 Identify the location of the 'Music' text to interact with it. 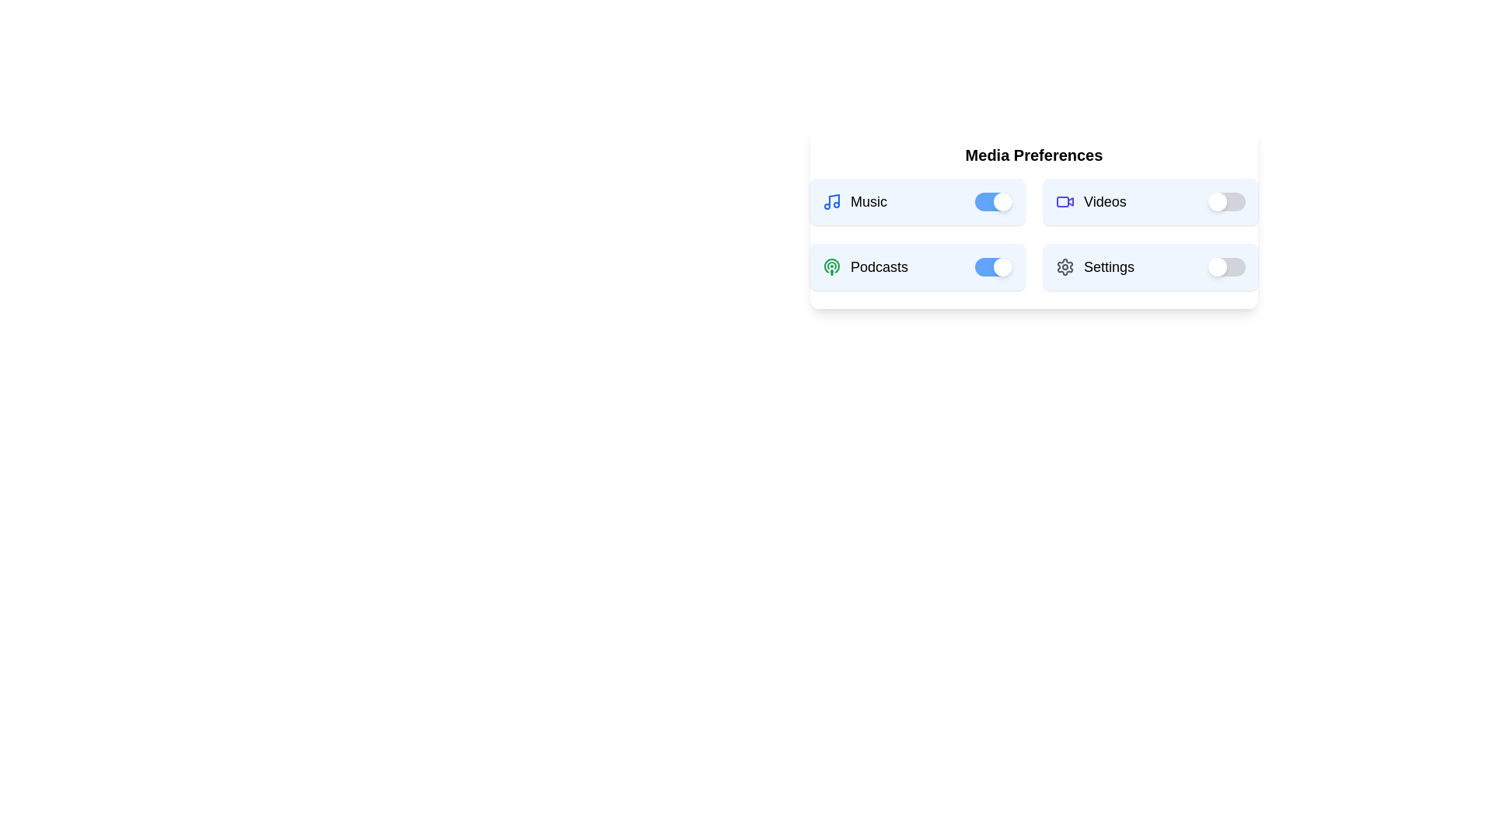
(854, 200).